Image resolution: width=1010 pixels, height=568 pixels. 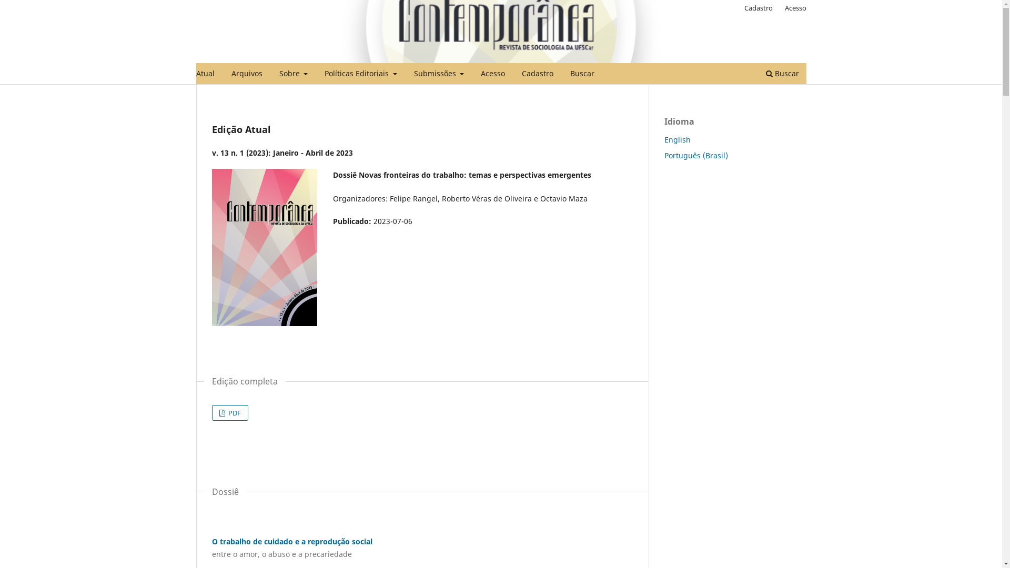 What do you see at coordinates (582, 74) in the screenshot?
I see `'Buscar'` at bounding box center [582, 74].